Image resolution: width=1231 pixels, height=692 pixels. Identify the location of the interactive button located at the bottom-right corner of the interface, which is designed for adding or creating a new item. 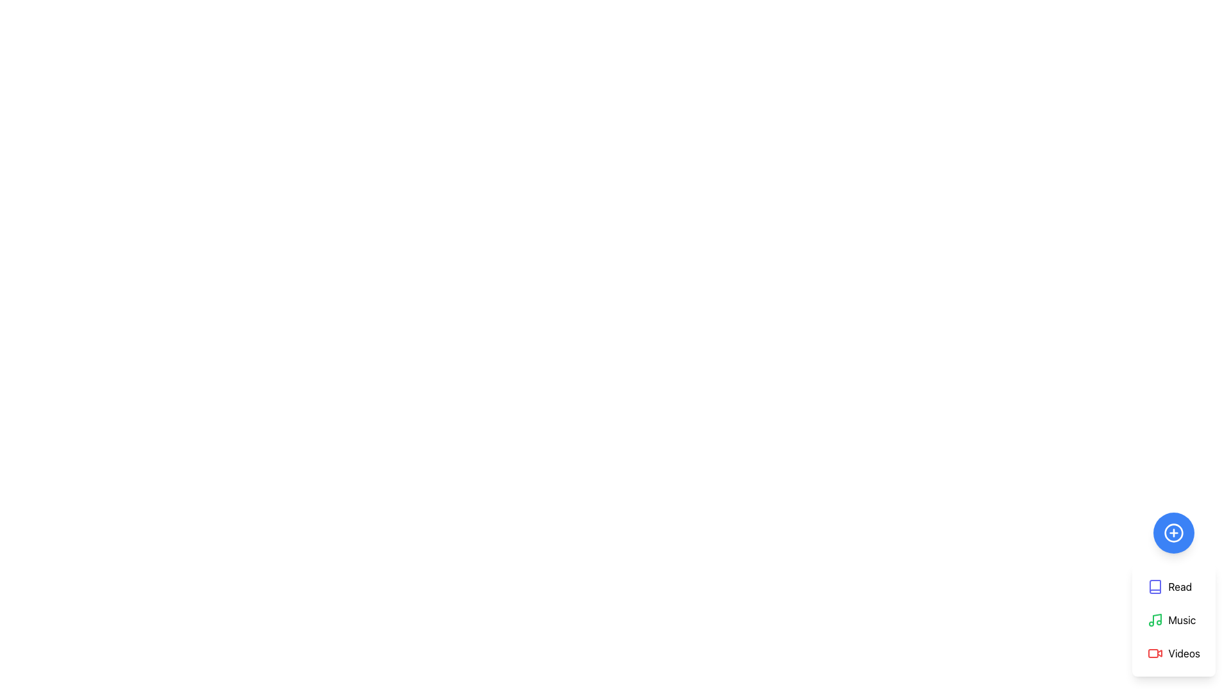
(1174, 533).